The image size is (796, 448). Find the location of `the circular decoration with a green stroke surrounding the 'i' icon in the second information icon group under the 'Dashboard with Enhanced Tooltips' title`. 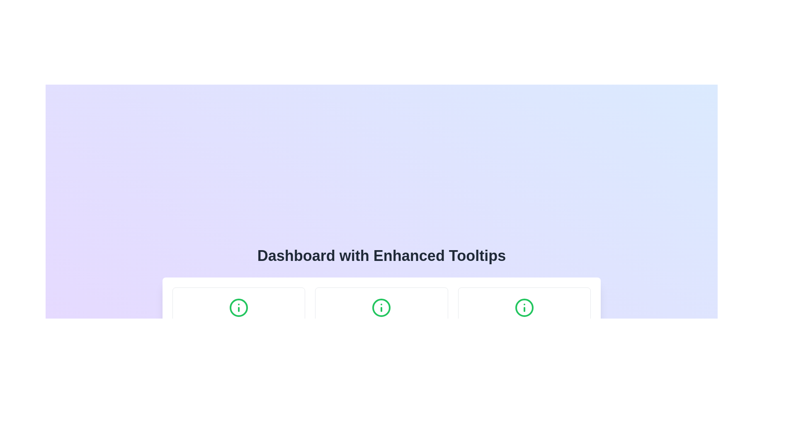

the circular decoration with a green stroke surrounding the 'i' icon in the second information icon group under the 'Dashboard with Enhanced Tooltips' title is located at coordinates (381, 307).